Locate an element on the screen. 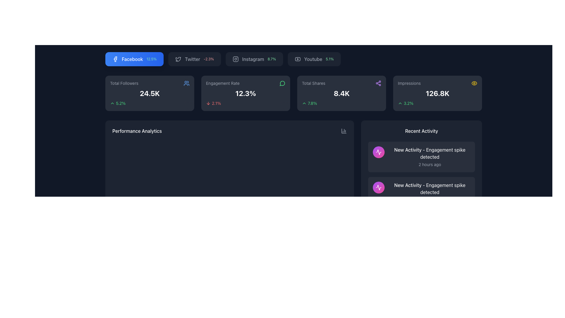 This screenshot has width=565, height=318. the Text display indicating the total shares, which is styled in green and positioned below the title 'Total Shares' and above the '7.8%' indicator is located at coordinates (342, 93).